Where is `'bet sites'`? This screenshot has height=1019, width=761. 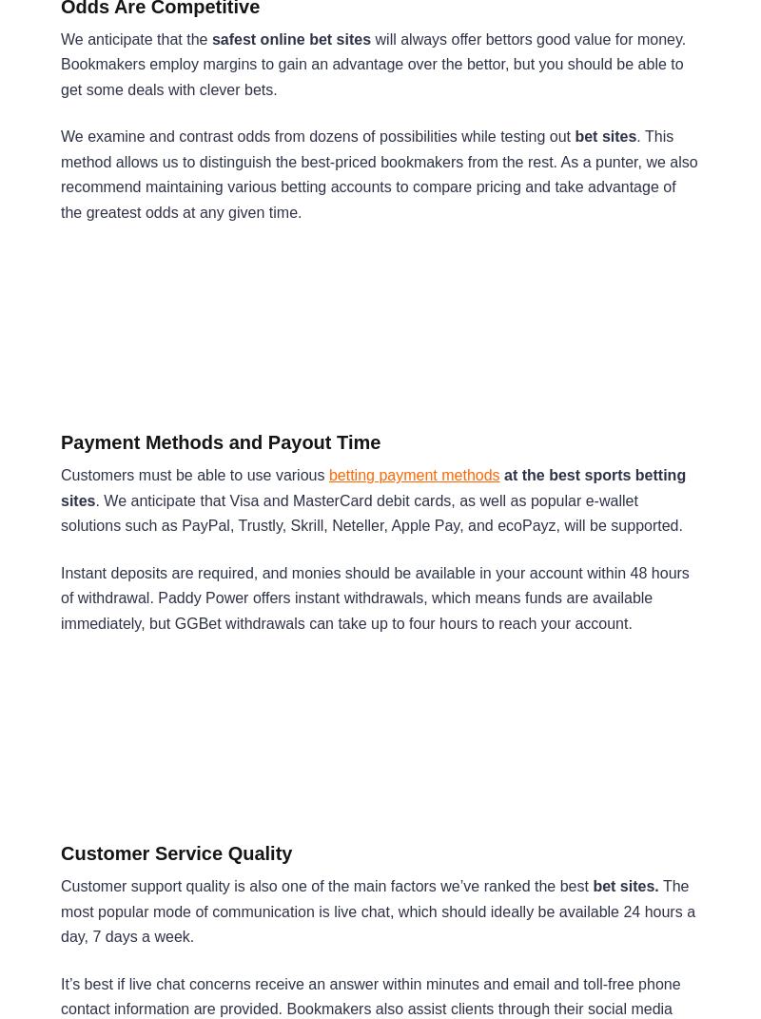 'bet sites' is located at coordinates (604, 136).